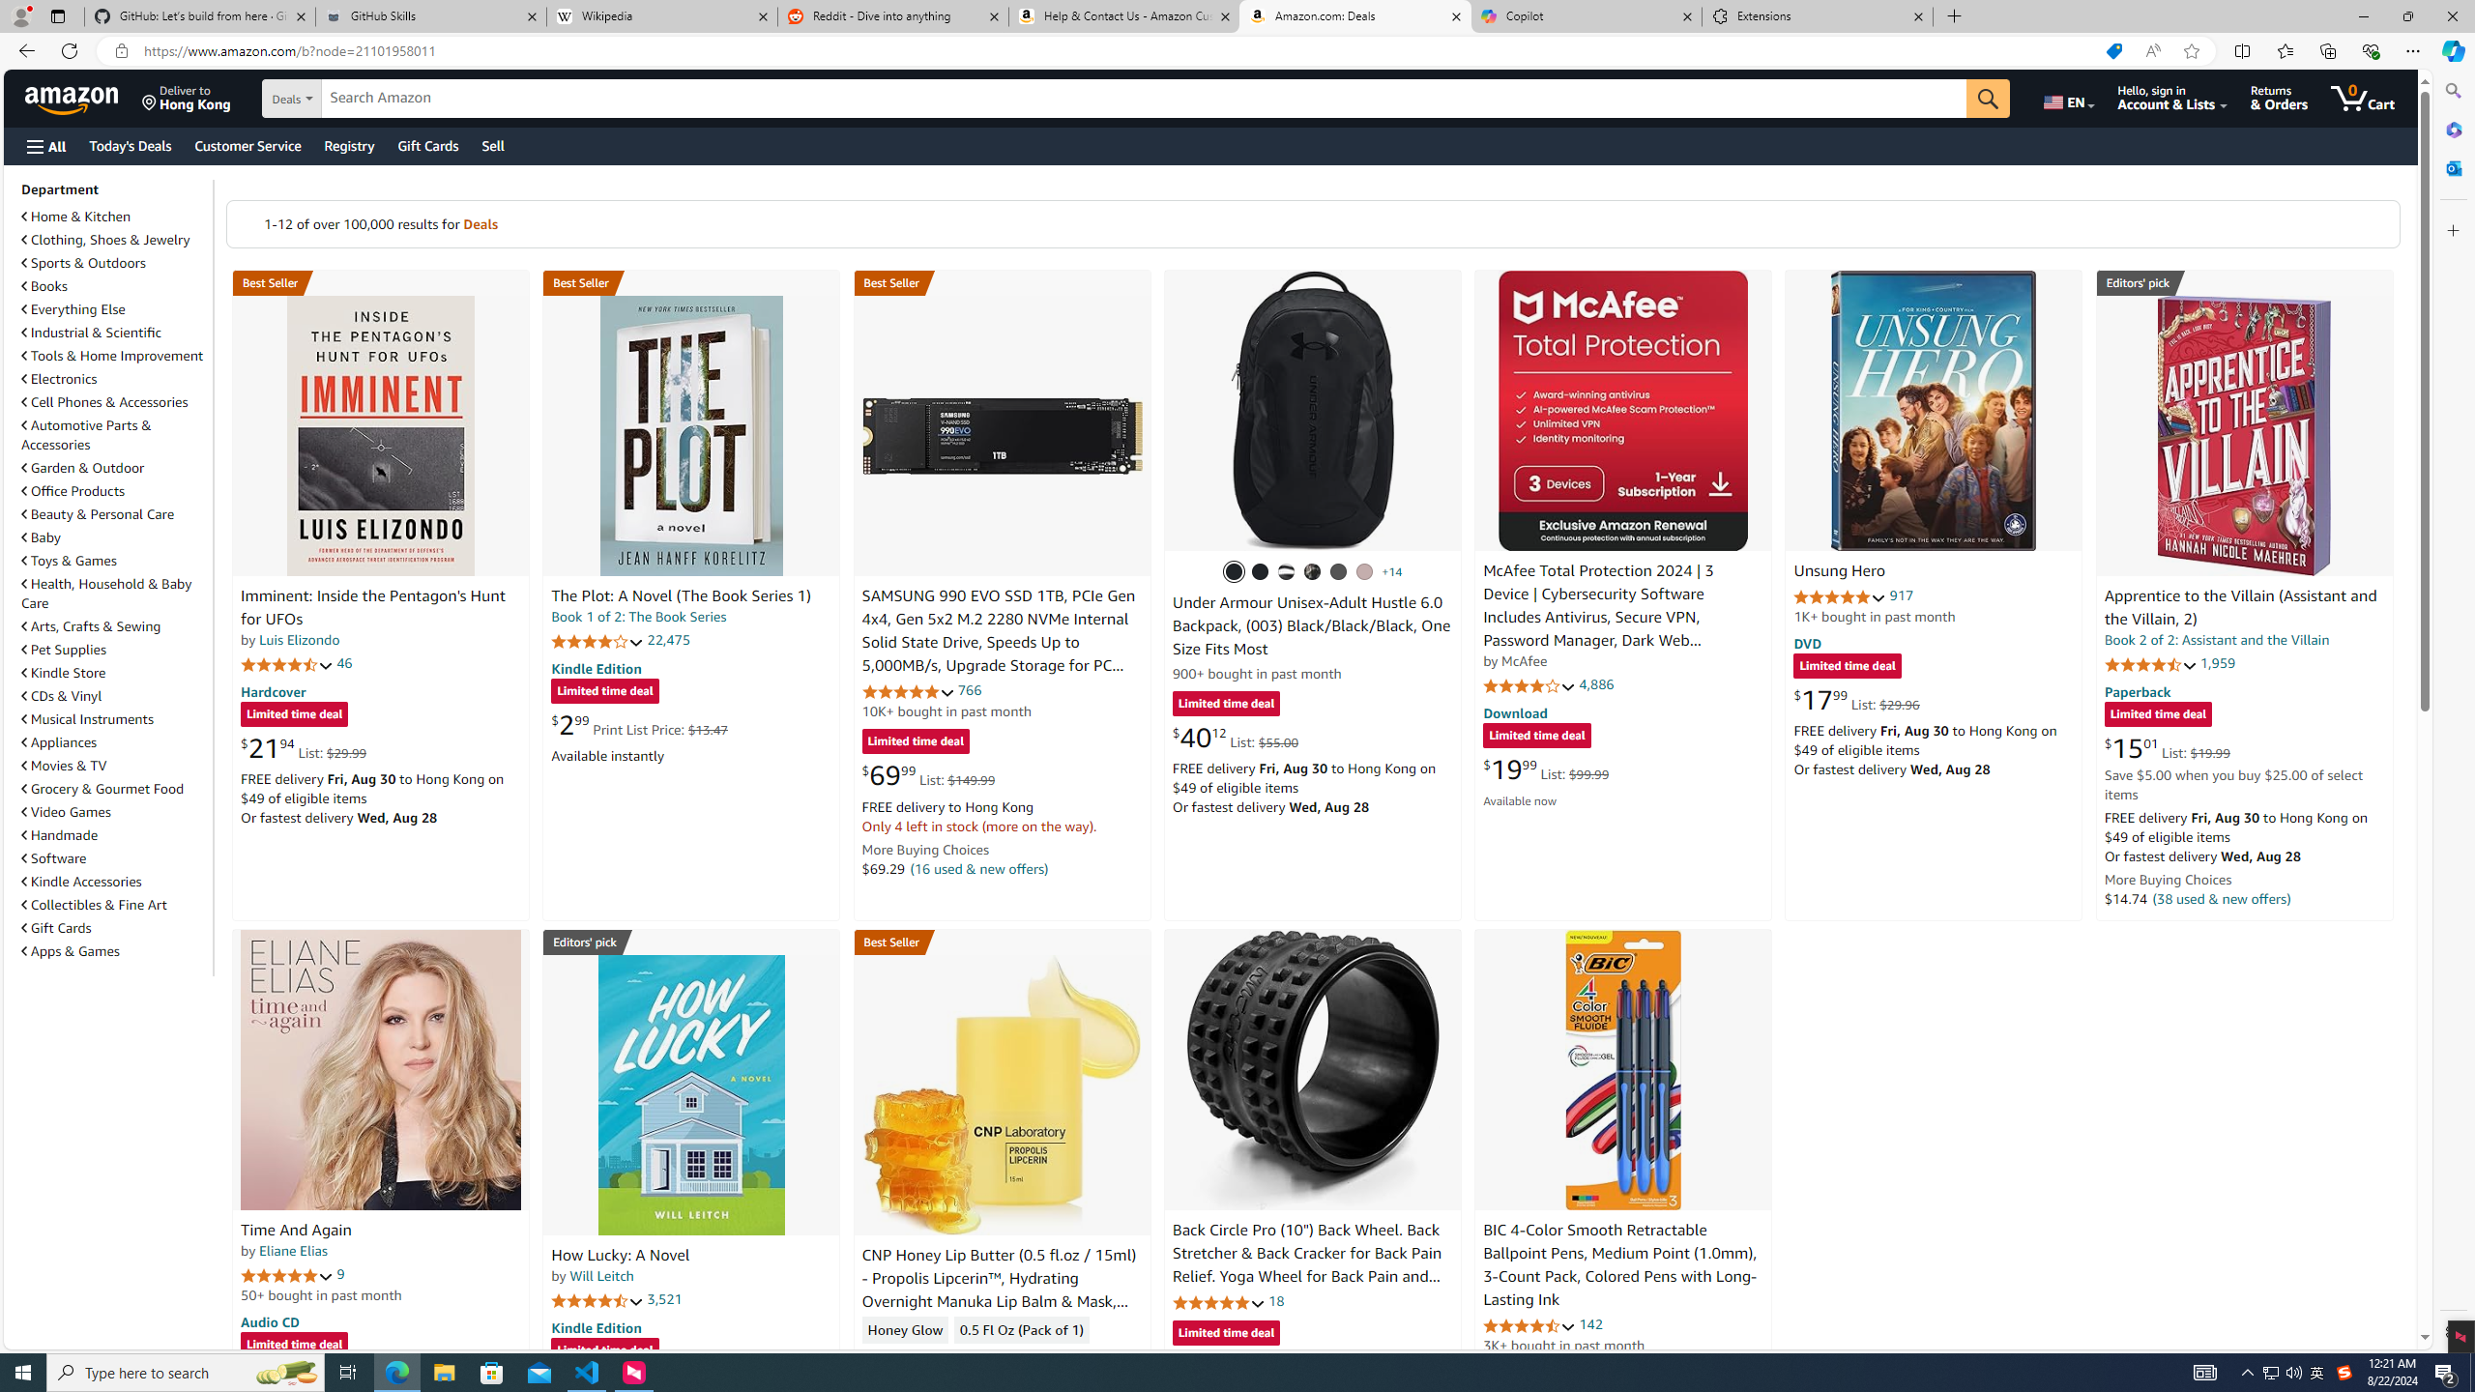 The image size is (2475, 1392). I want to click on 'Automotive Parts & Accessories', so click(114, 434).